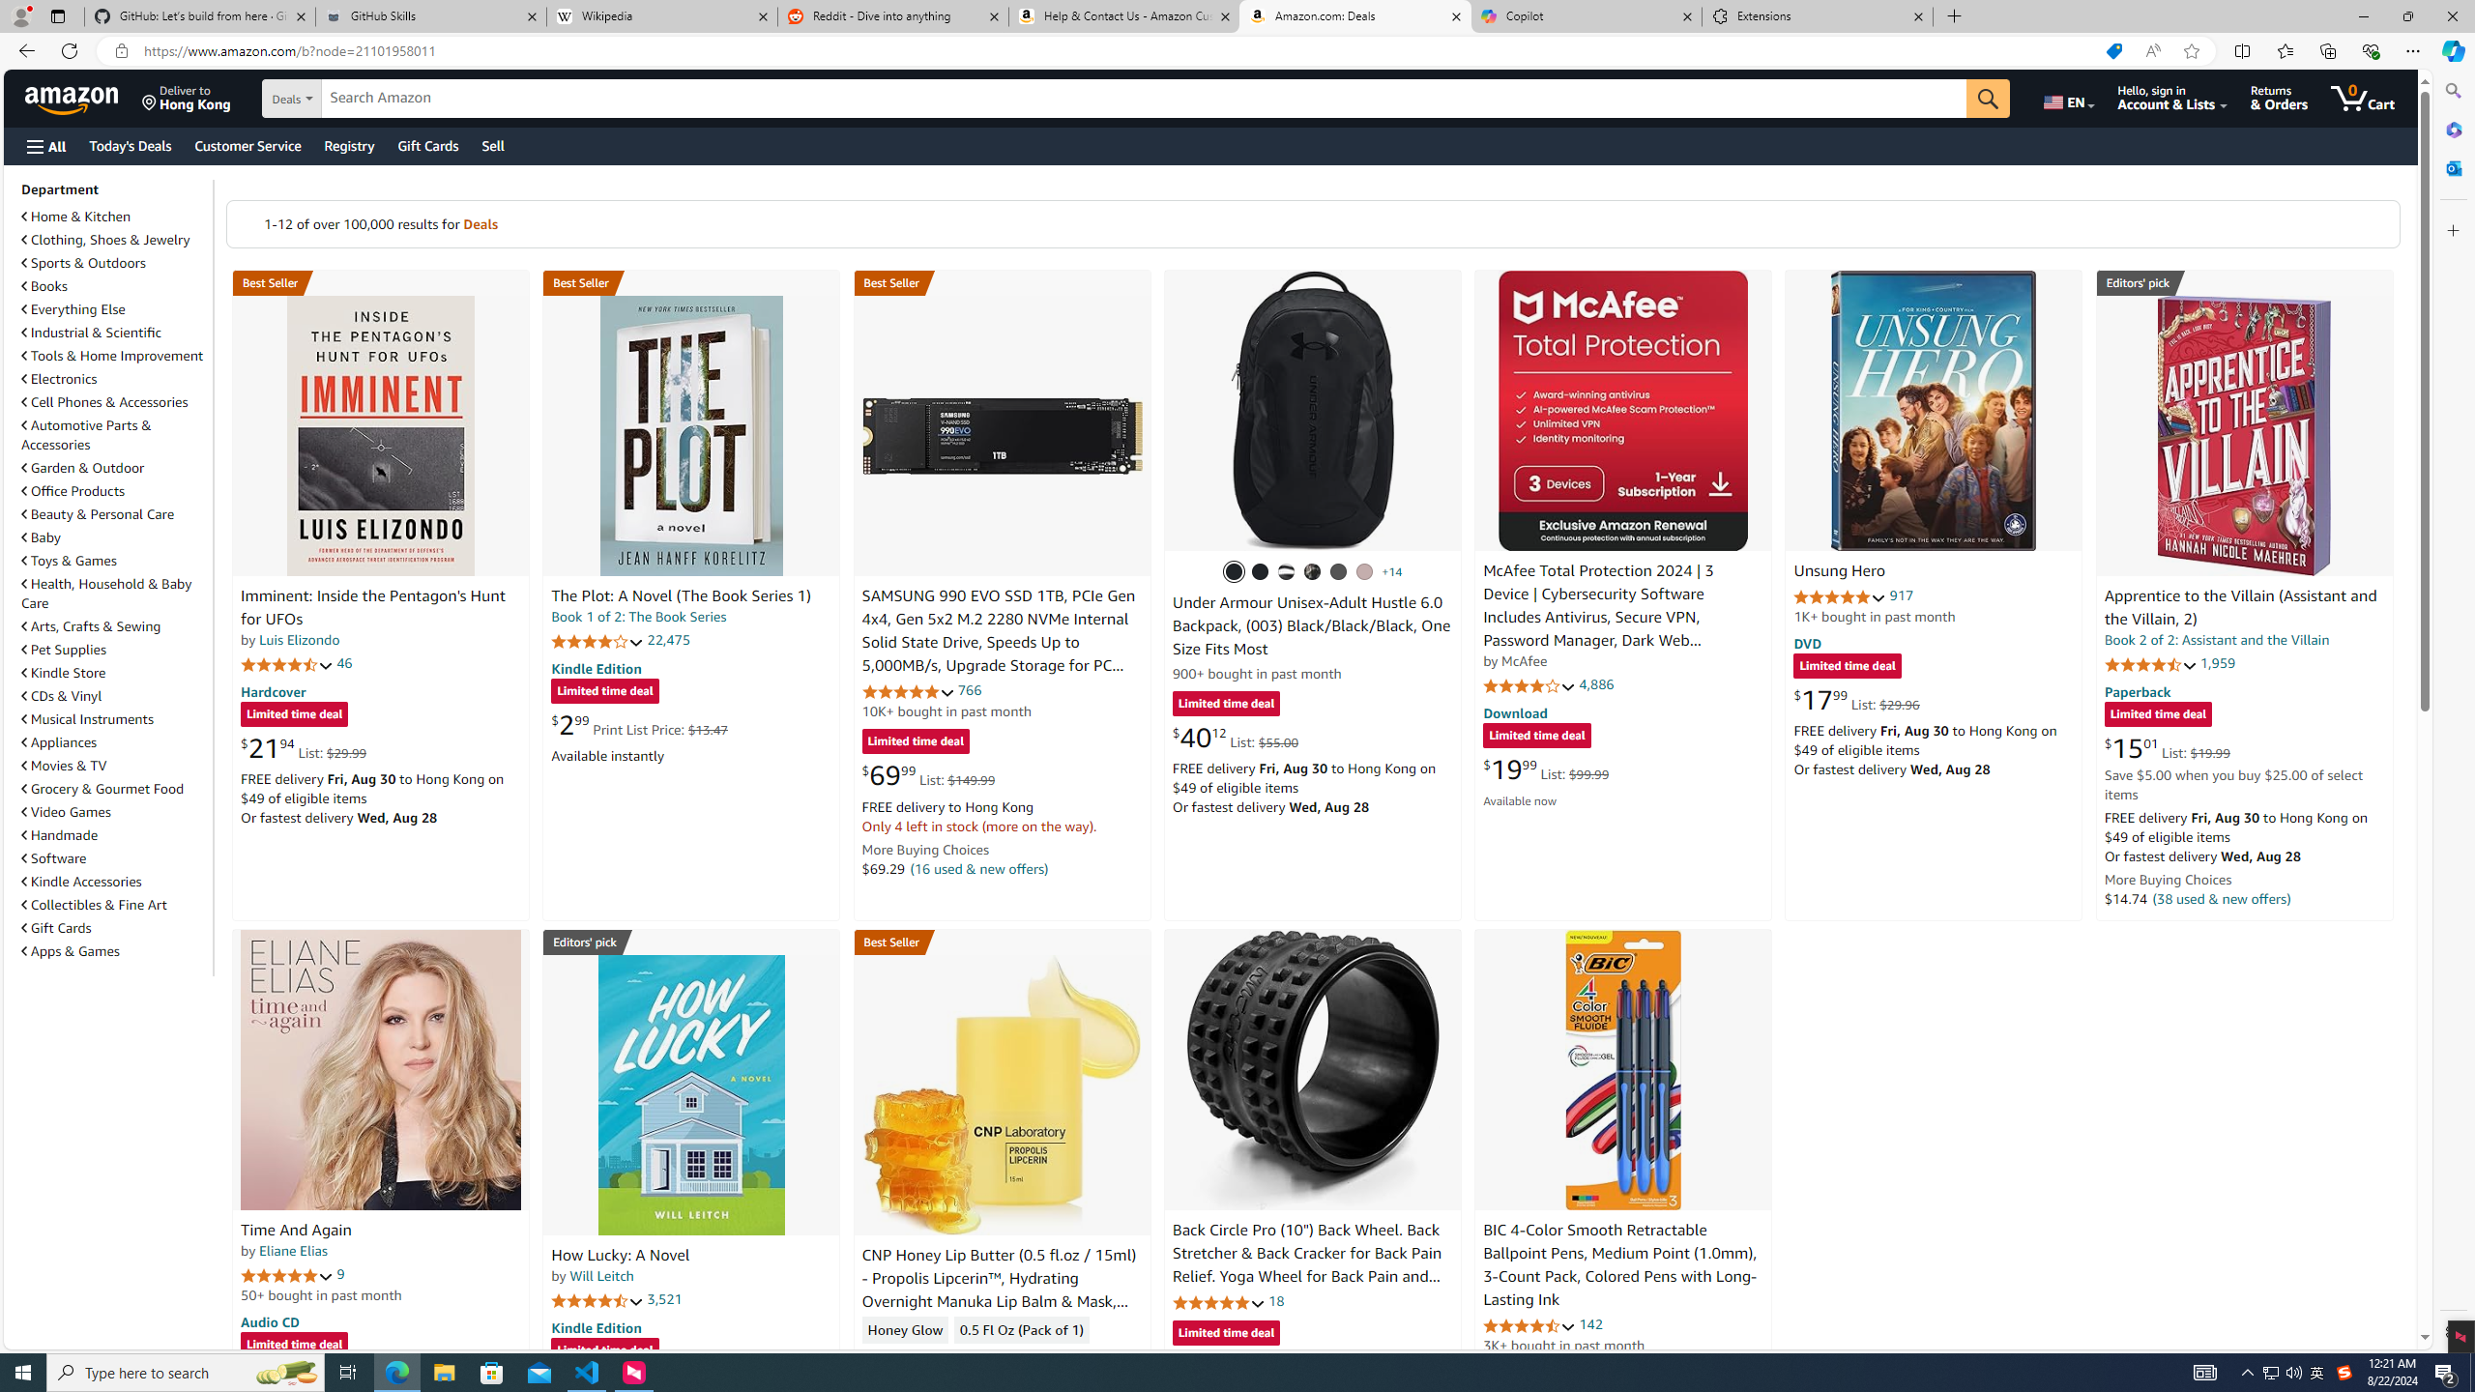 The image size is (2475, 1392). I want to click on 'Automotive Parts & Accessories', so click(114, 434).